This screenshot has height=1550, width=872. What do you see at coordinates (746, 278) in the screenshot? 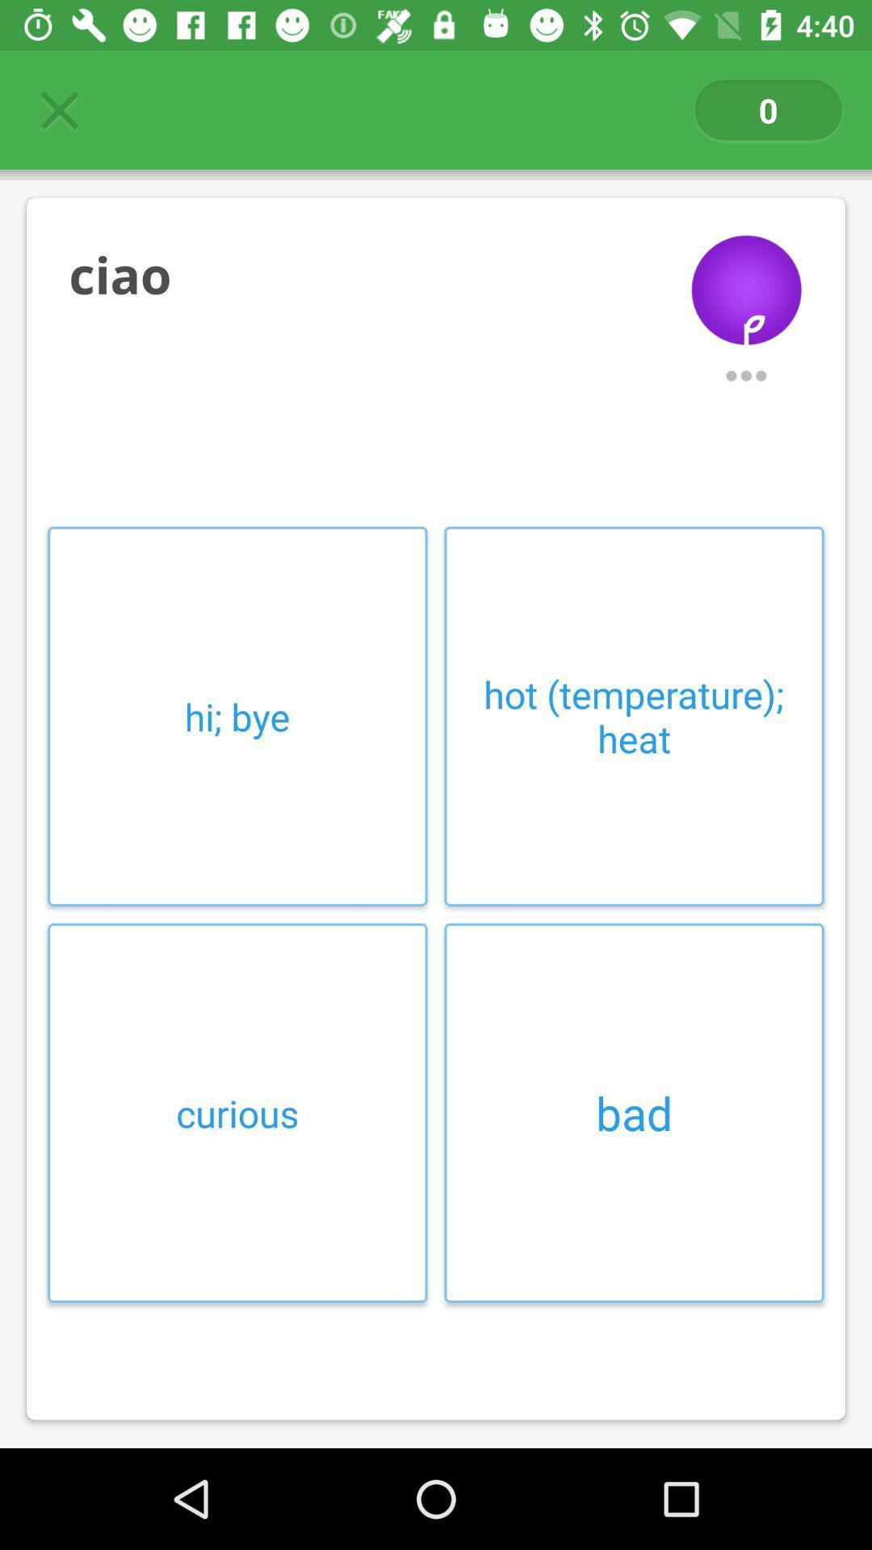
I see `item next to ciao` at bounding box center [746, 278].